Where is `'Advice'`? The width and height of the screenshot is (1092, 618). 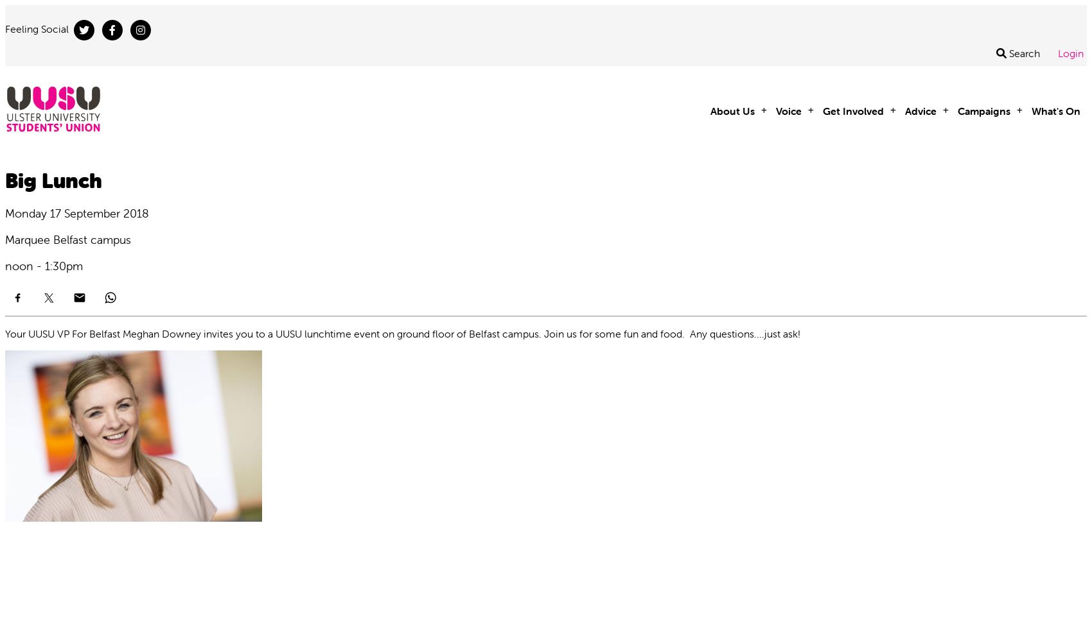 'Advice' is located at coordinates (920, 110).